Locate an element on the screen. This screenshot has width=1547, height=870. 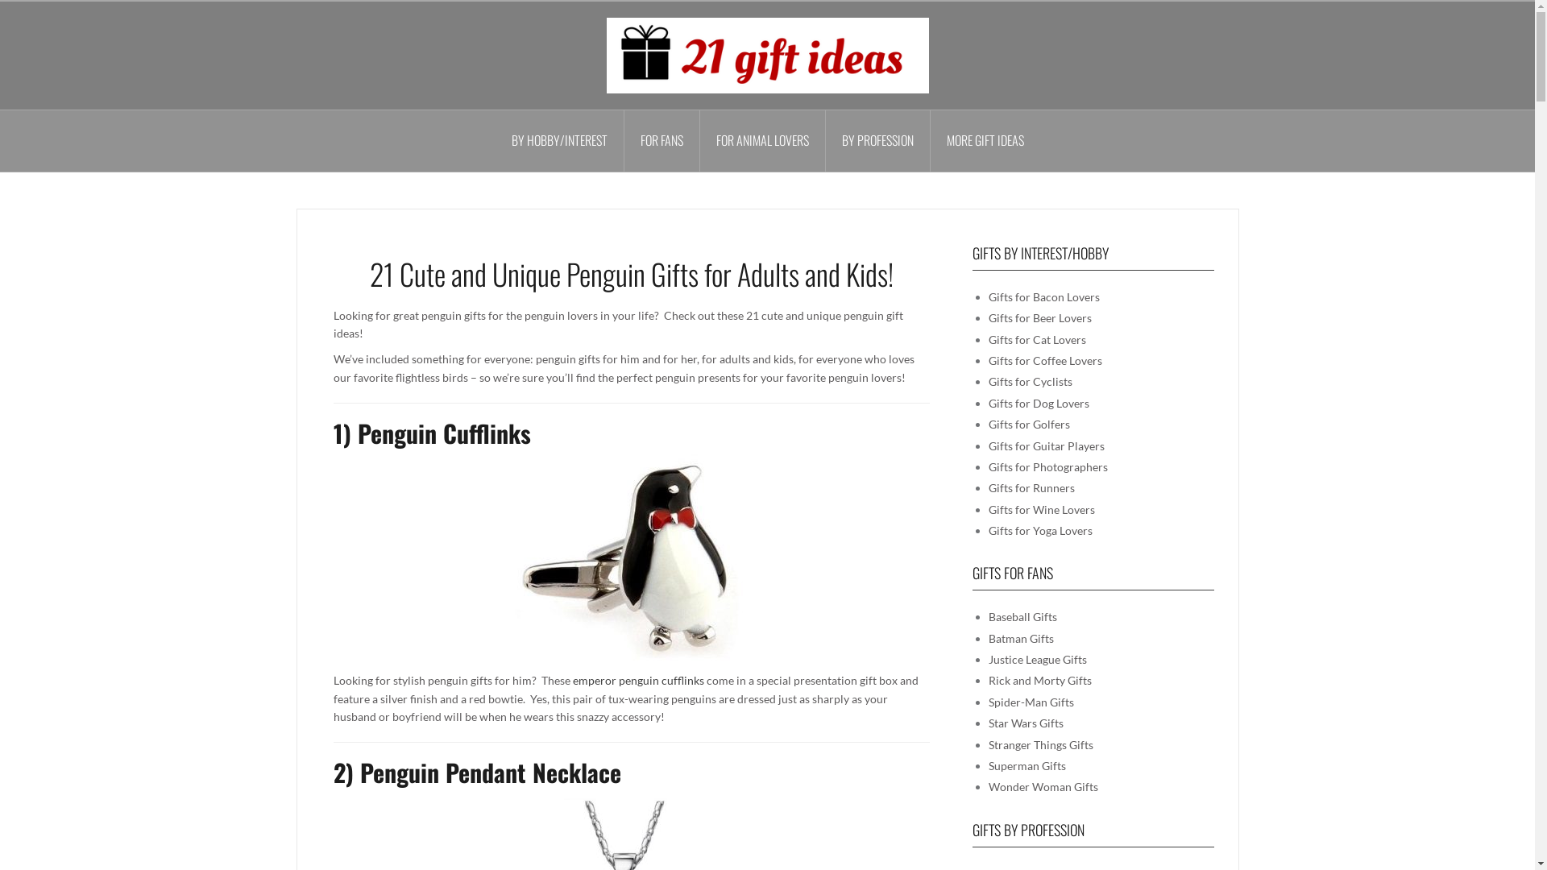
'Superman Gifts' is located at coordinates (1025, 764).